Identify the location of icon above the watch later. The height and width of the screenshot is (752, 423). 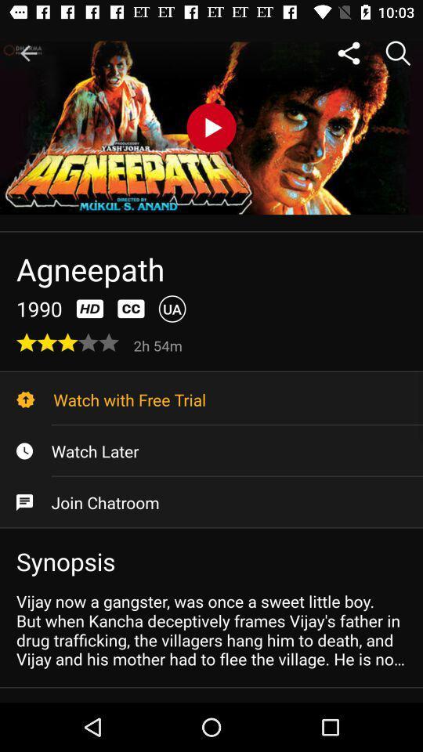
(211, 399).